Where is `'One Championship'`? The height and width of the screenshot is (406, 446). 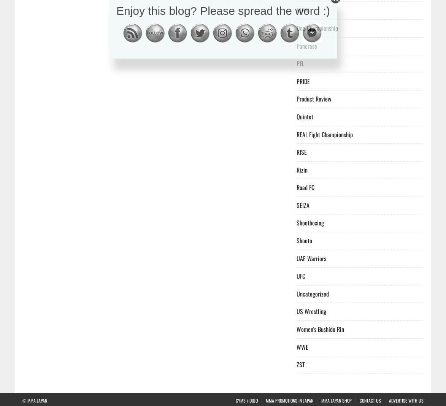
'One Championship' is located at coordinates (296, 27).